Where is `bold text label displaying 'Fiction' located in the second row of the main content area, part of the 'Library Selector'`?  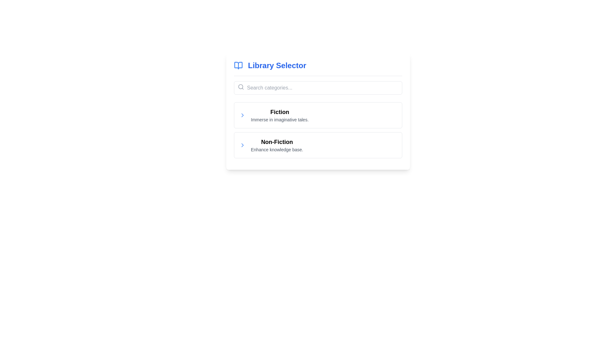
bold text label displaying 'Fiction' located in the second row of the main content area, part of the 'Library Selector' is located at coordinates (280, 111).